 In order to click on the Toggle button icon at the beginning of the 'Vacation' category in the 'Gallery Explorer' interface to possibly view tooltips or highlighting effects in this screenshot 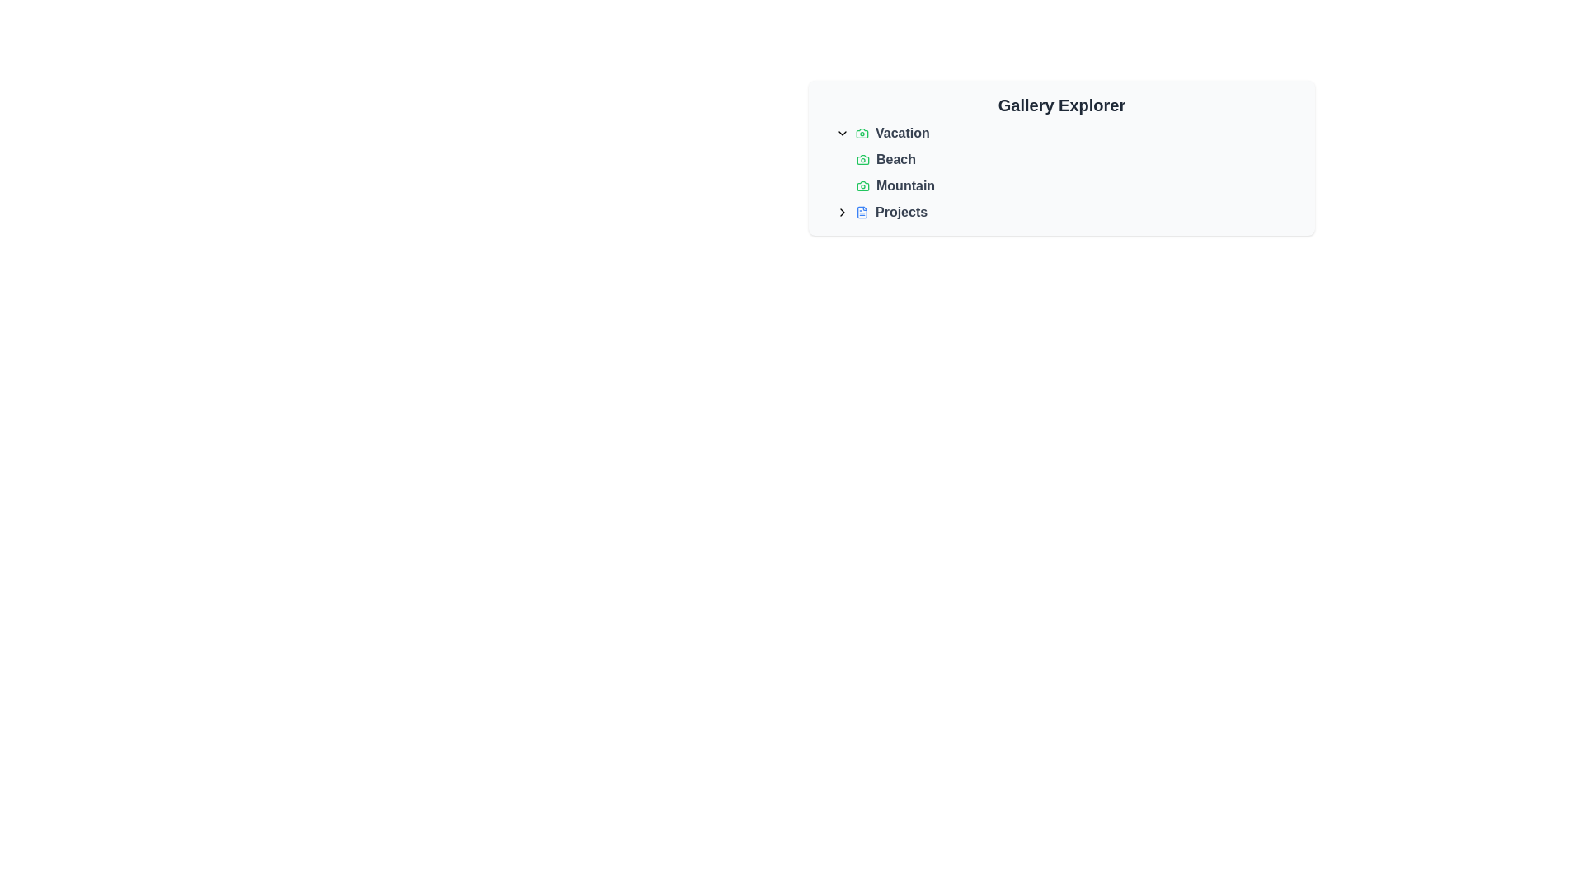, I will do `click(843, 133)`.